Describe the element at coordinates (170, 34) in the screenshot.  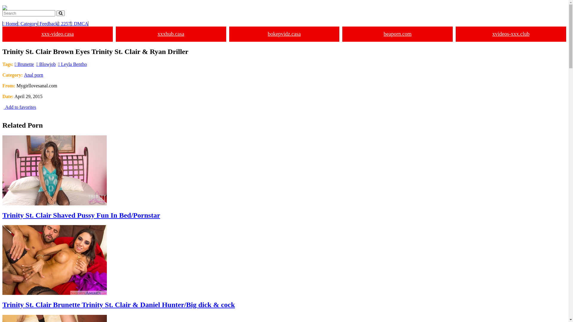
I see `'xxxhub.casa'` at that location.